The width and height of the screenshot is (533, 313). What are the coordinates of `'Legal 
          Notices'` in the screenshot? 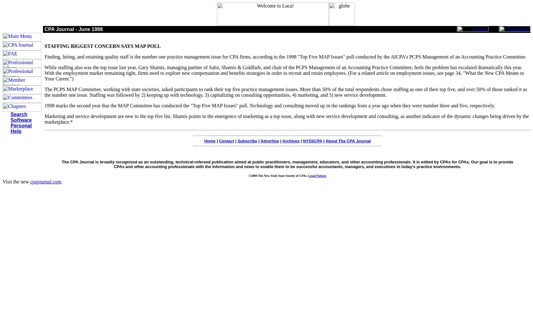 It's located at (317, 176).